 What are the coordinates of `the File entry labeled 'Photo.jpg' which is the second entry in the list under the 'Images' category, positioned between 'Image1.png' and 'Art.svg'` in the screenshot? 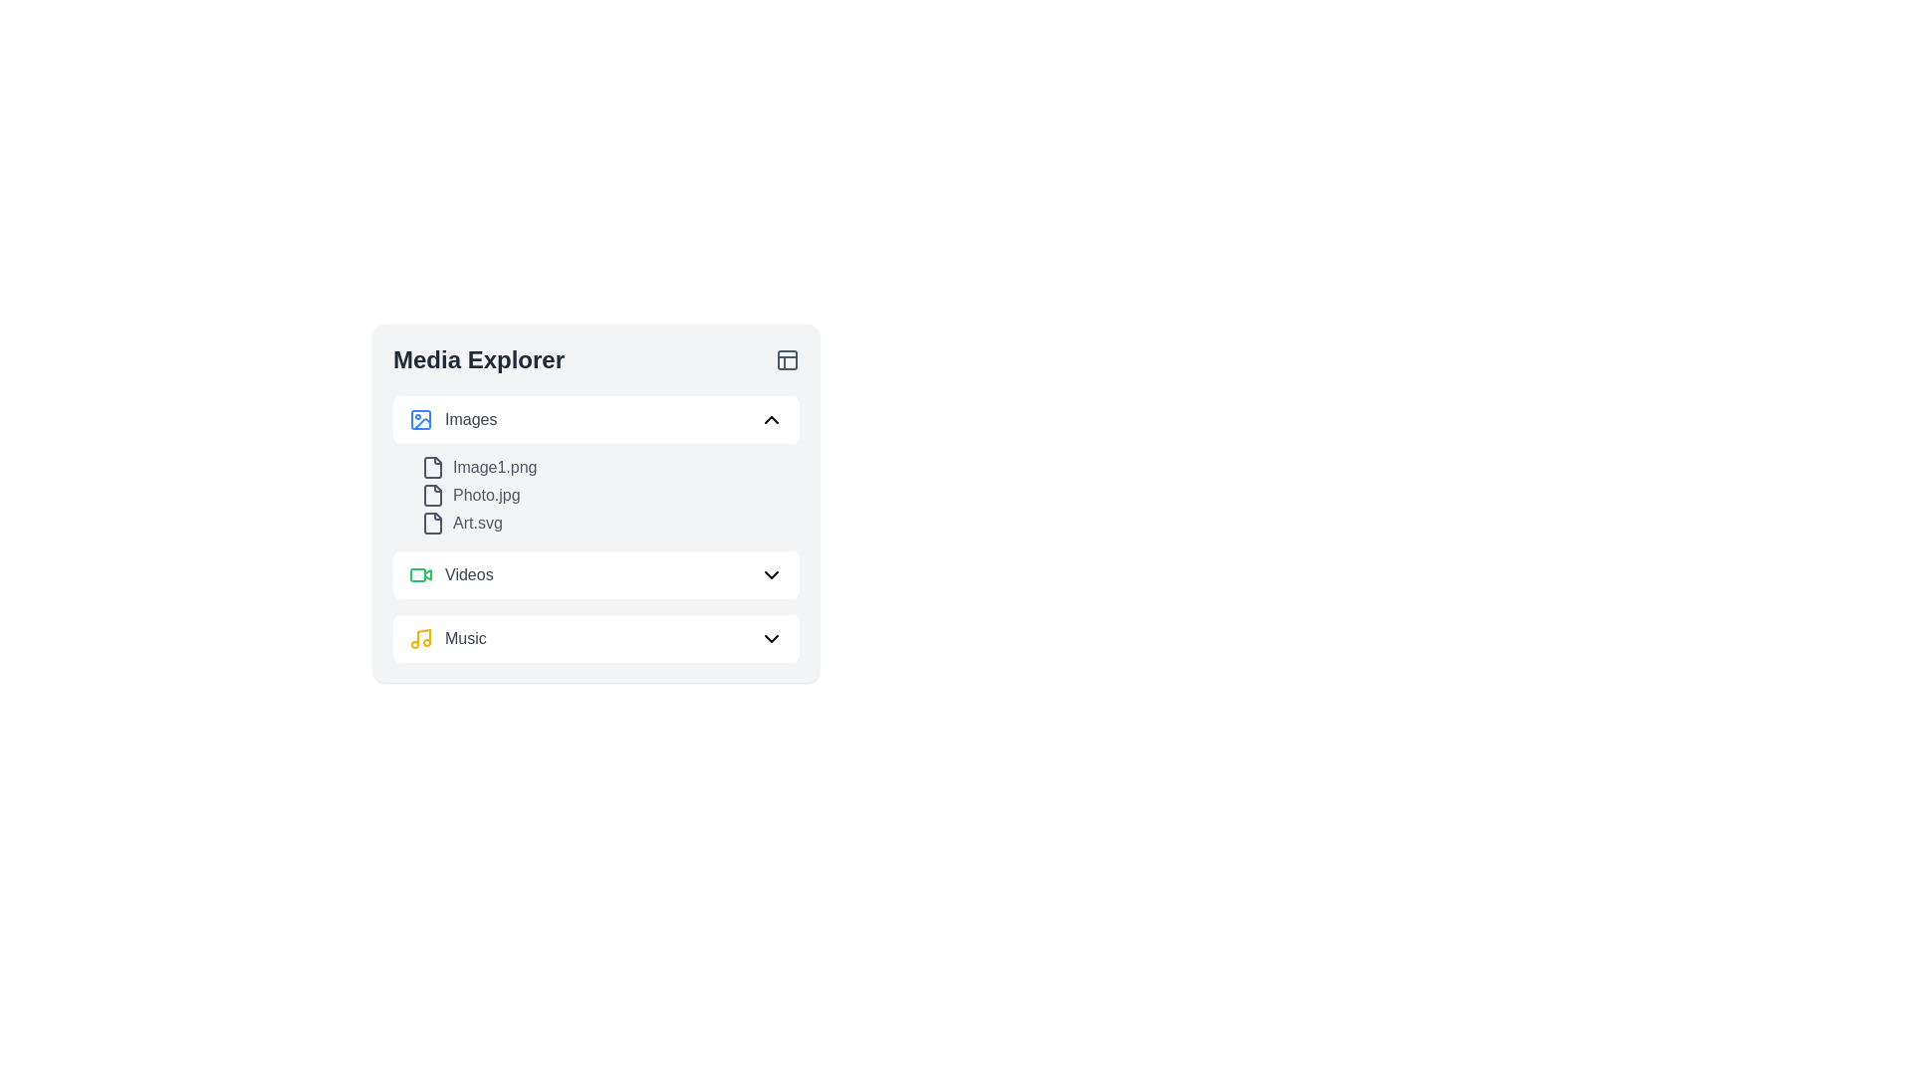 It's located at (609, 494).